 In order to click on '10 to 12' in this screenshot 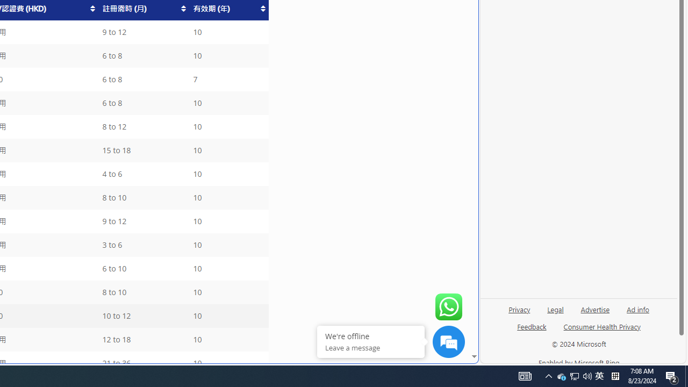, I will do `click(142, 316)`.